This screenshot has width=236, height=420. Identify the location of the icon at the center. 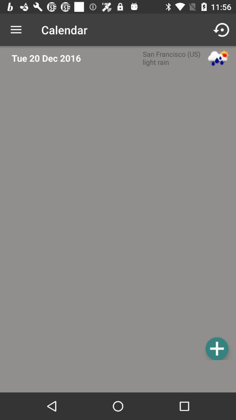
(120, 216).